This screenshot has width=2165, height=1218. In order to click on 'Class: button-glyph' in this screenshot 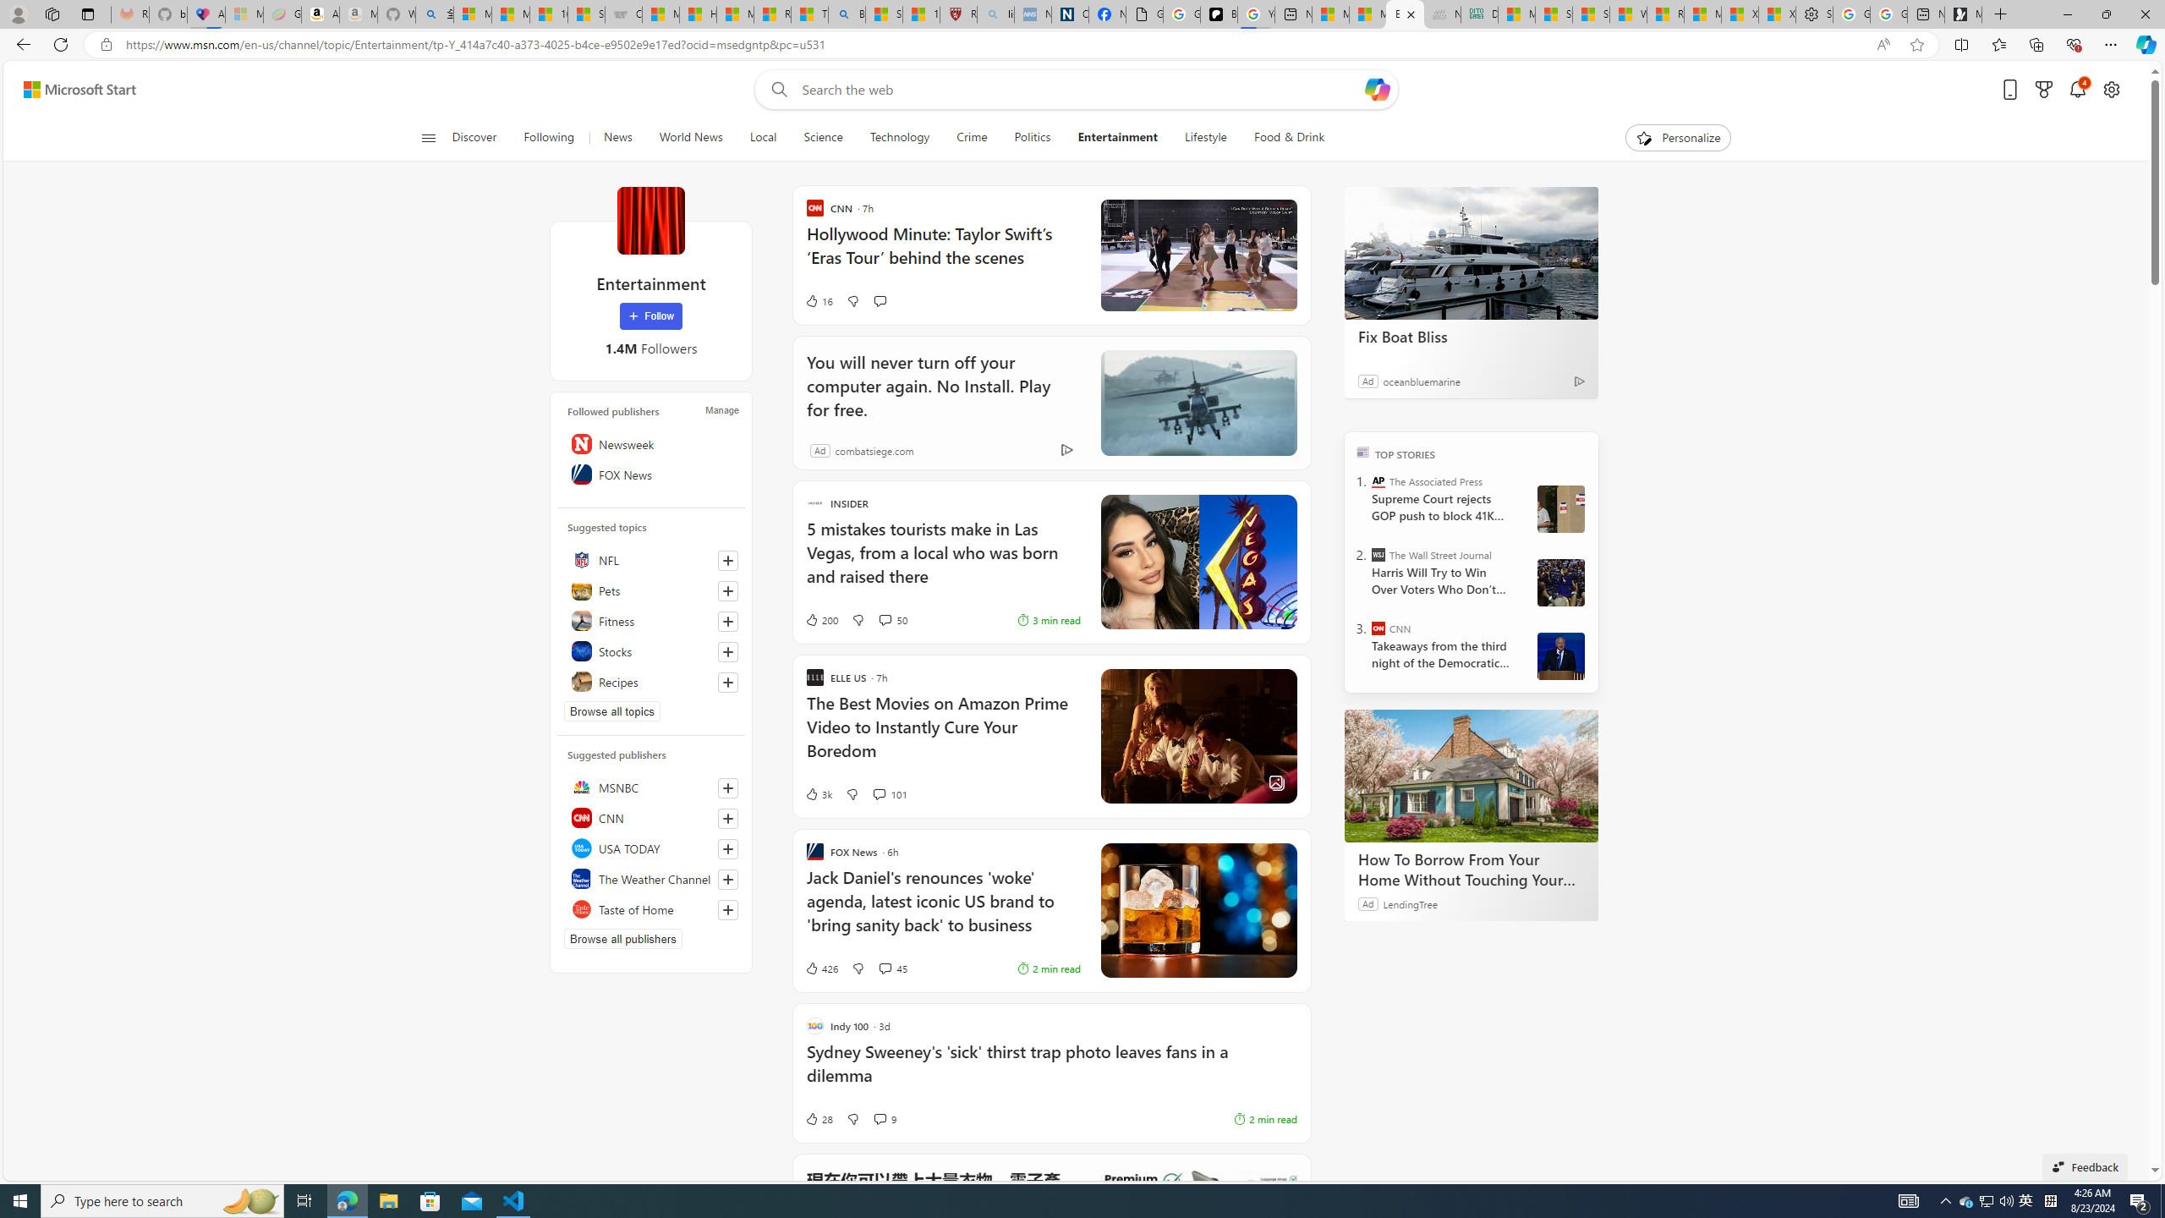, I will do `click(427, 137)`.